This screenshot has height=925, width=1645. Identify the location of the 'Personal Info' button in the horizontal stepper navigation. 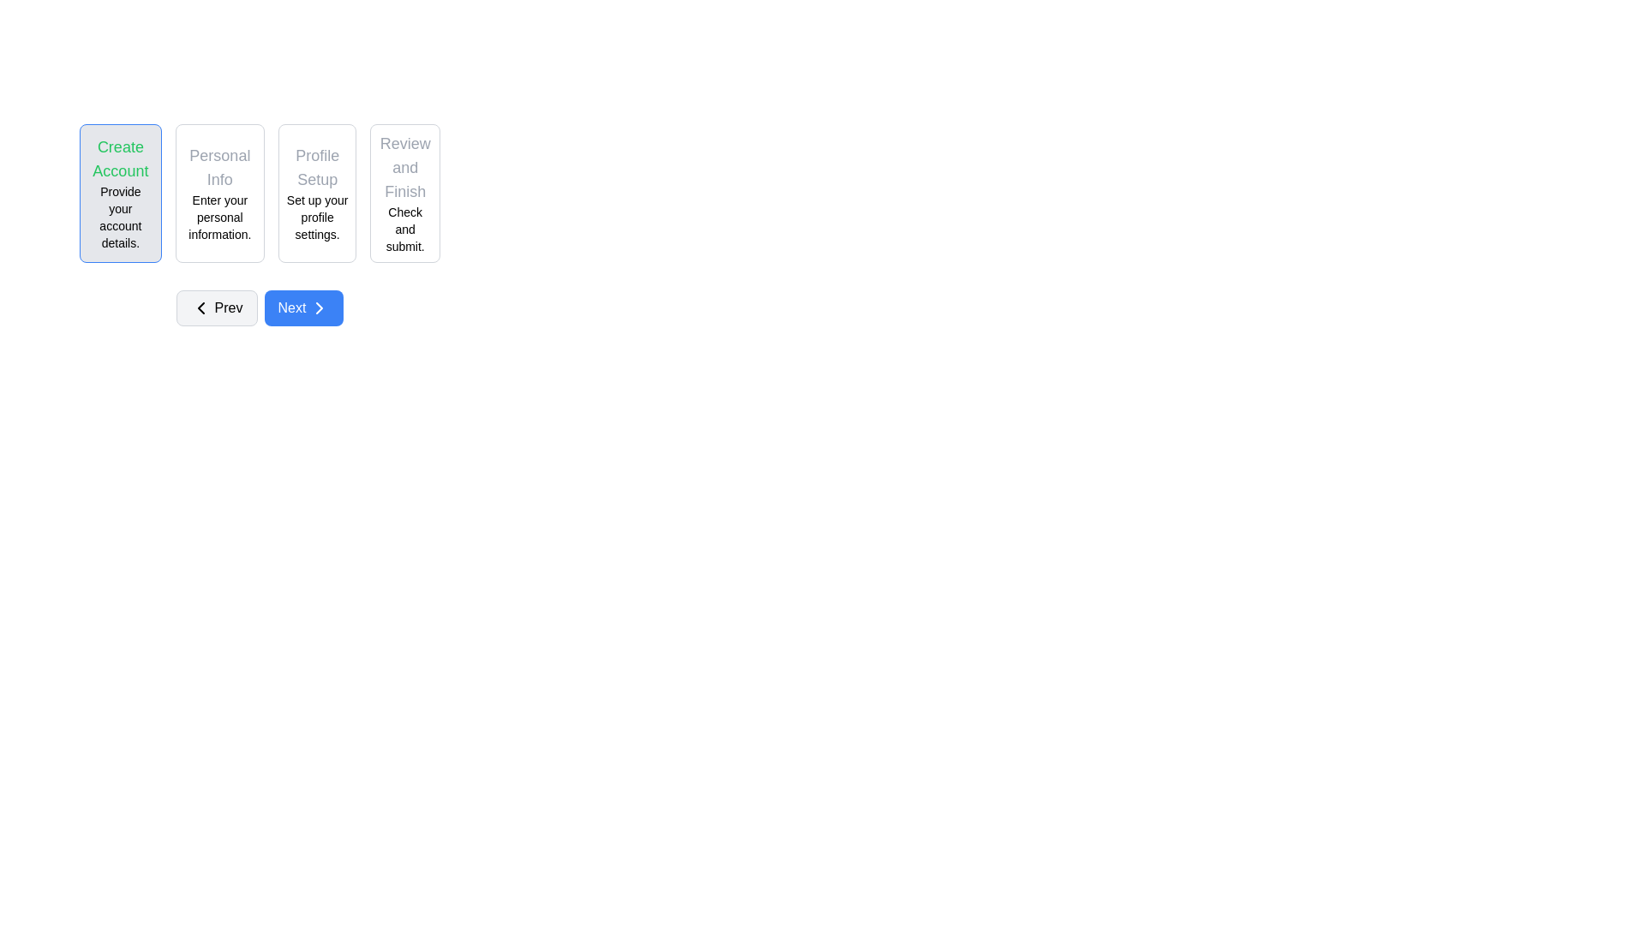
(218, 193).